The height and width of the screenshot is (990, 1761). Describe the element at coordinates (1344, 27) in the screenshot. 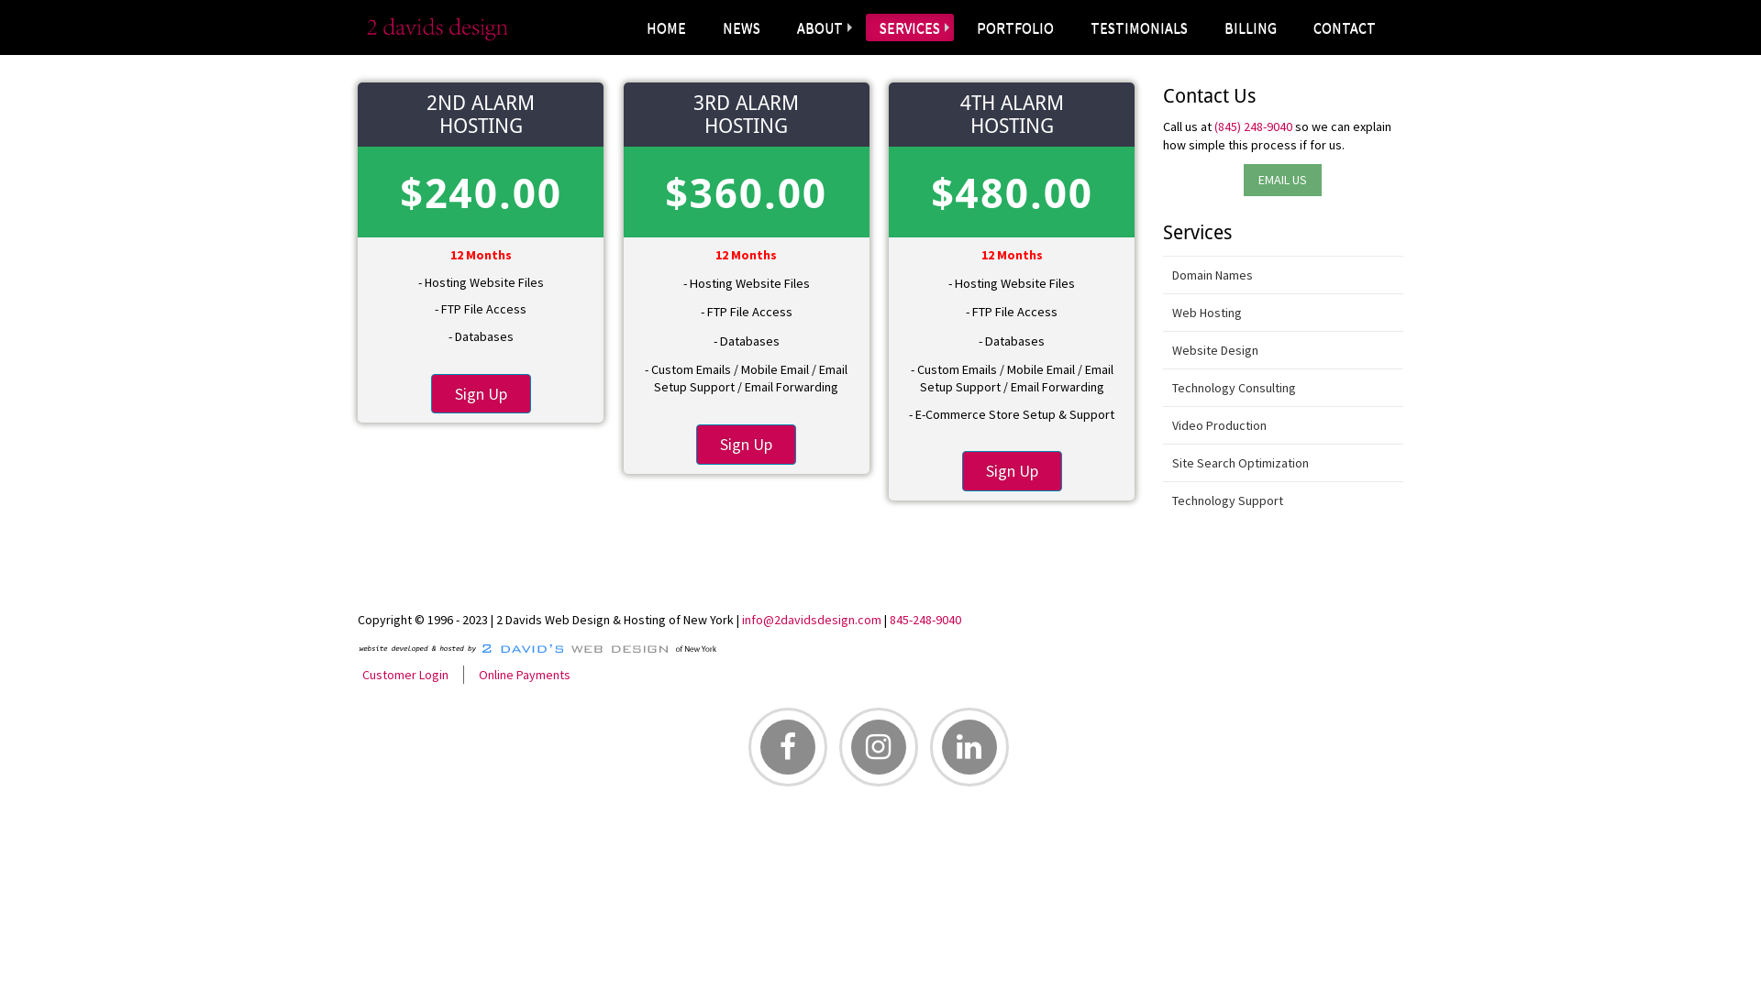

I see `'CONTACT'` at that location.